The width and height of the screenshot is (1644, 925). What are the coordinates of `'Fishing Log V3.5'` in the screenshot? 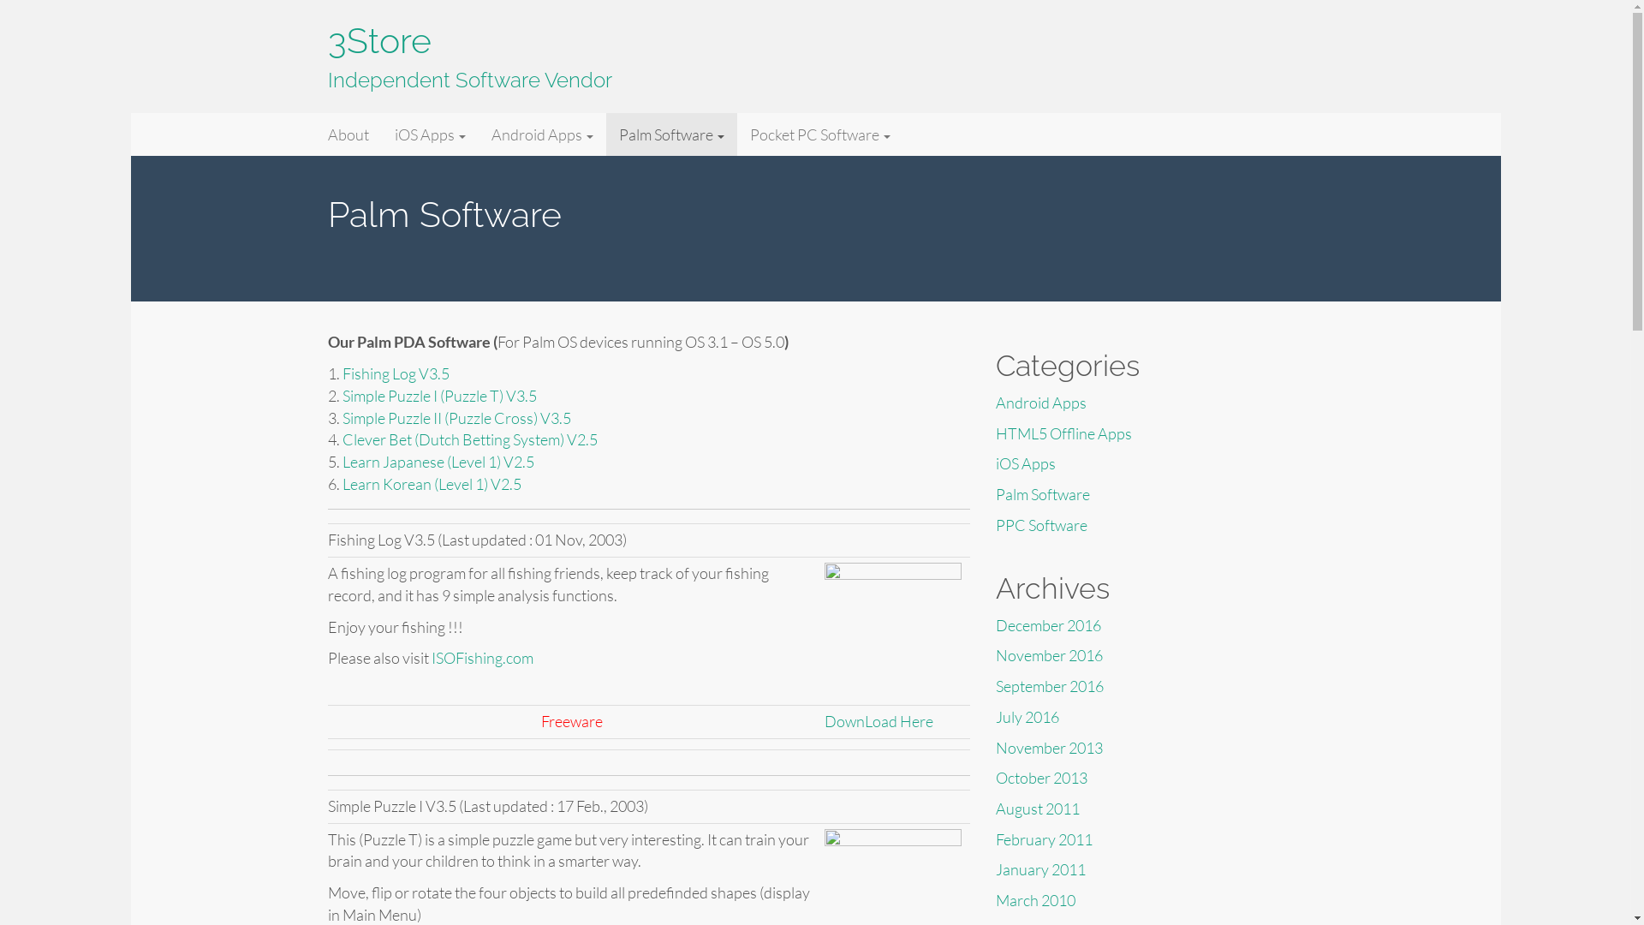 It's located at (395, 372).